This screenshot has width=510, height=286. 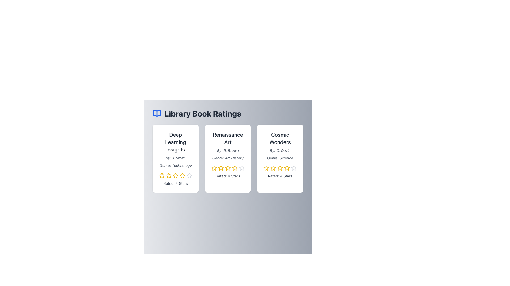 What do you see at coordinates (241, 168) in the screenshot?
I see `the fourth star in the star rating component` at bounding box center [241, 168].